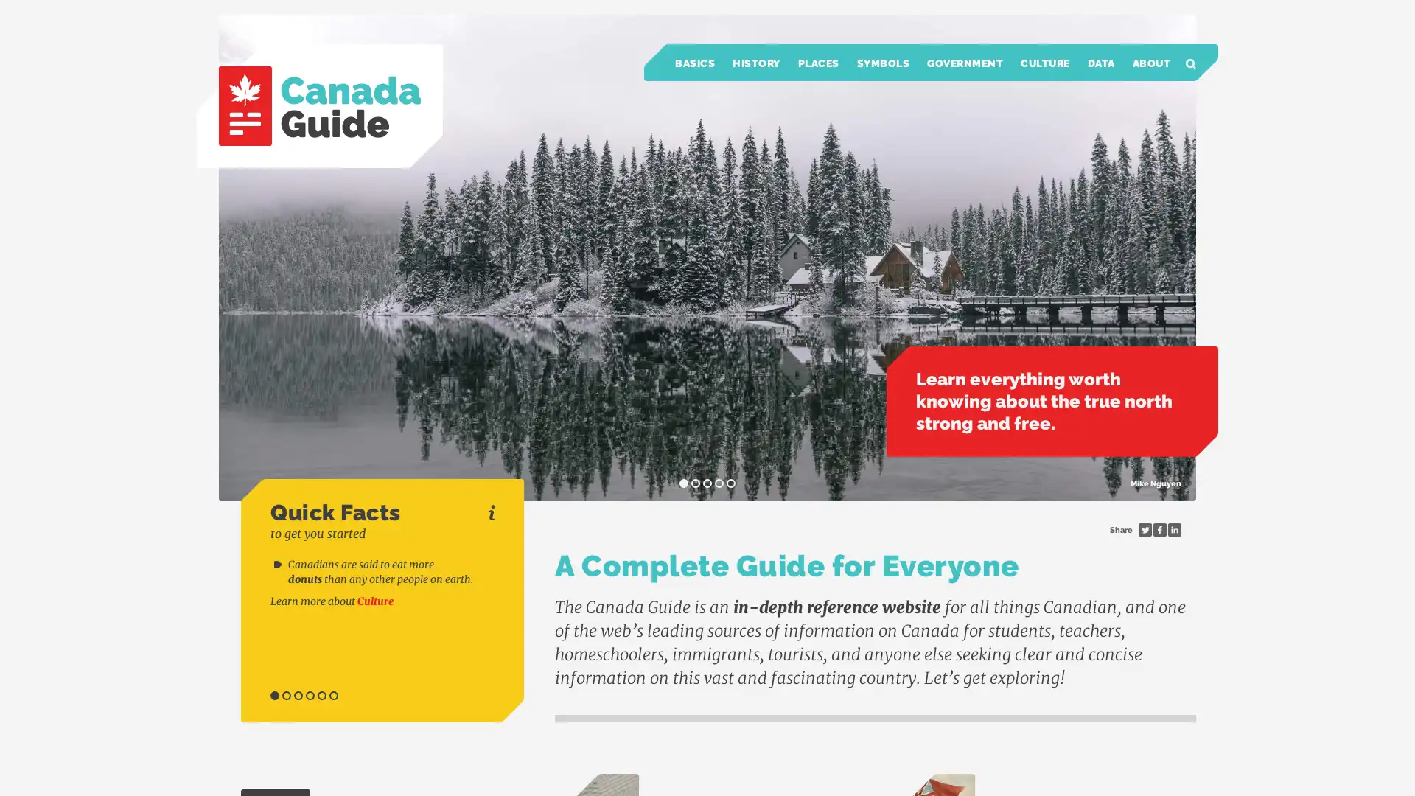 Image resolution: width=1415 pixels, height=796 pixels. I want to click on Go to slide 4, so click(310, 696).